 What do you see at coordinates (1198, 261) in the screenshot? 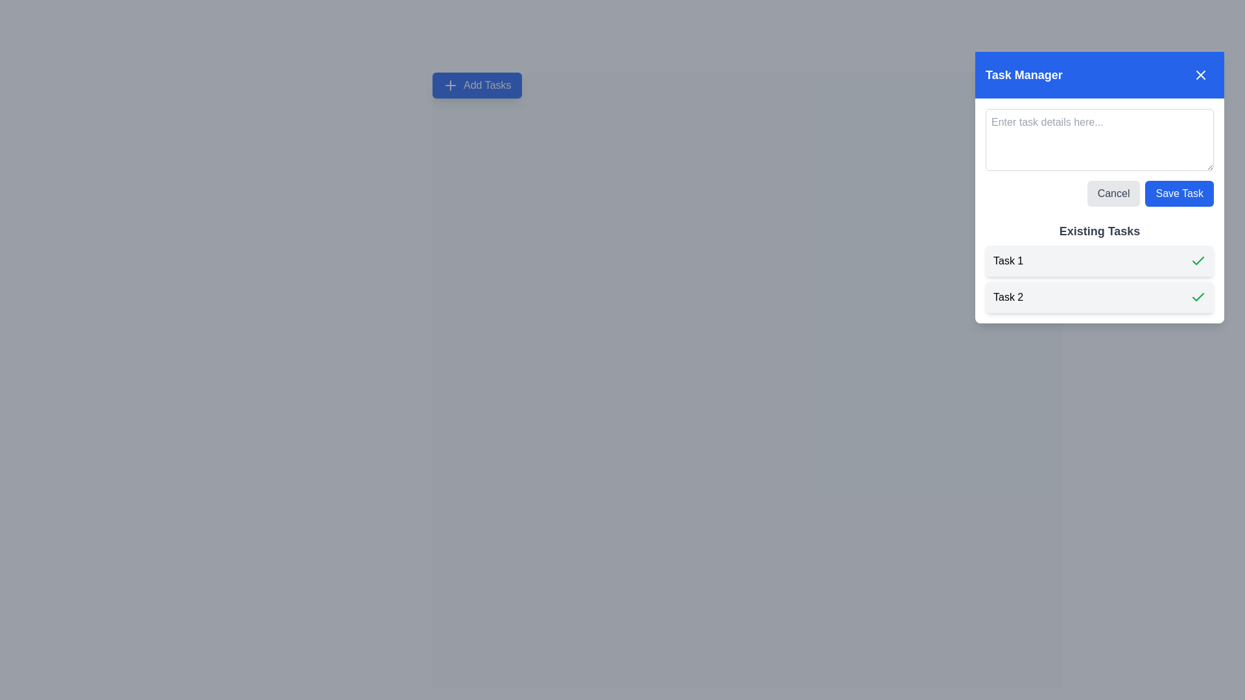
I see `the small green checkmark icon button located to the far right within the card labeled 'Task 1' to interact with it` at bounding box center [1198, 261].